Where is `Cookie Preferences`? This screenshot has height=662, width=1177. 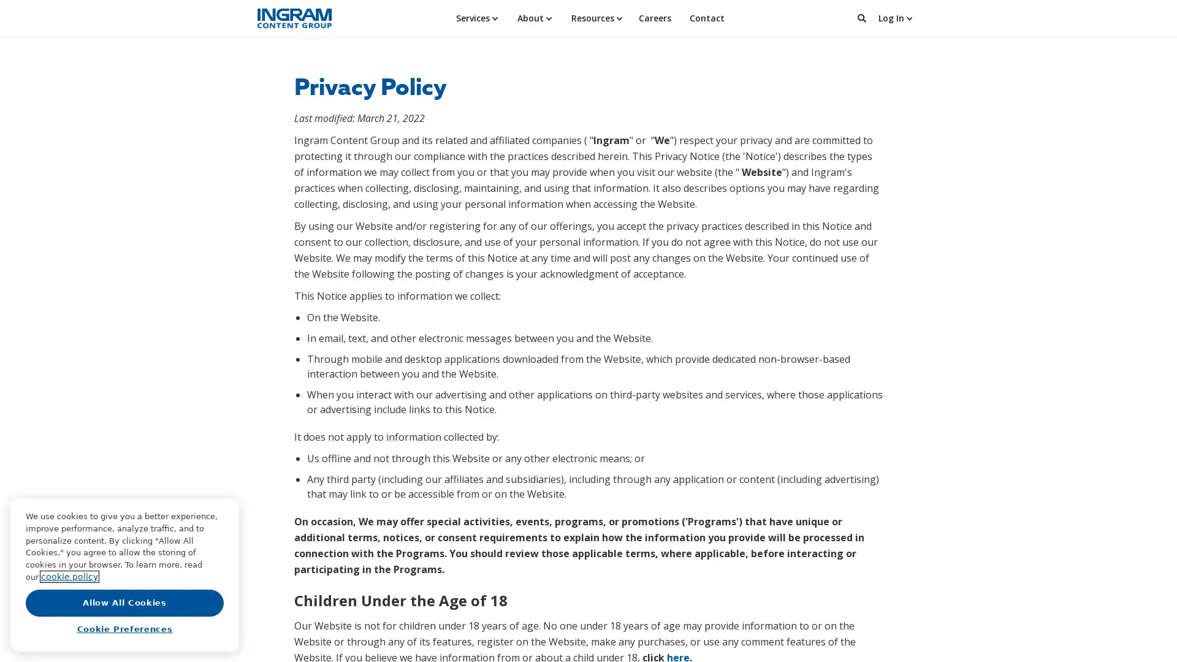
Cookie Preferences is located at coordinates (124, 629).